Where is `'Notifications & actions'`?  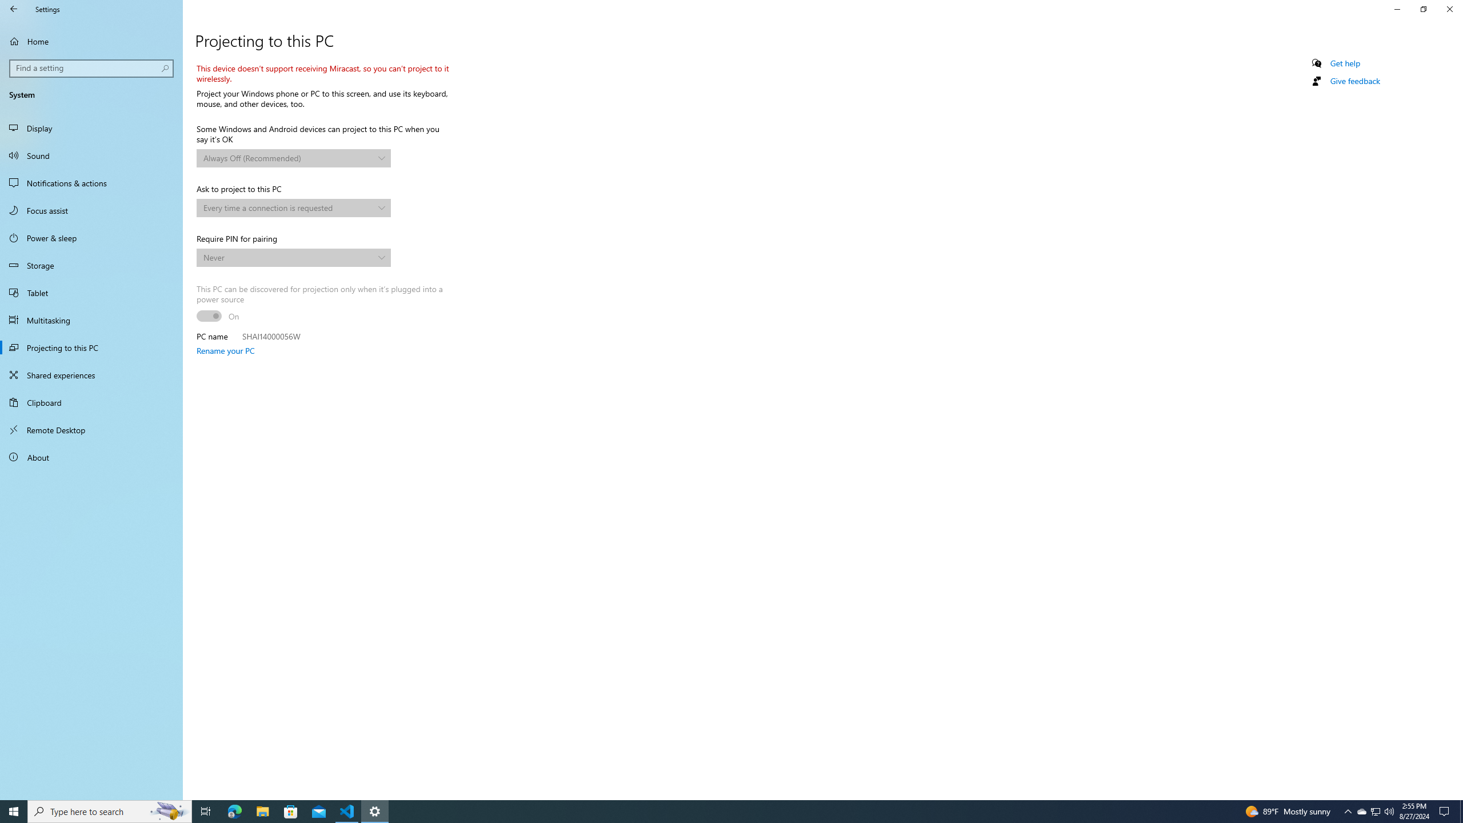
'Notifications & actions' is located at coordinates (91, 182).